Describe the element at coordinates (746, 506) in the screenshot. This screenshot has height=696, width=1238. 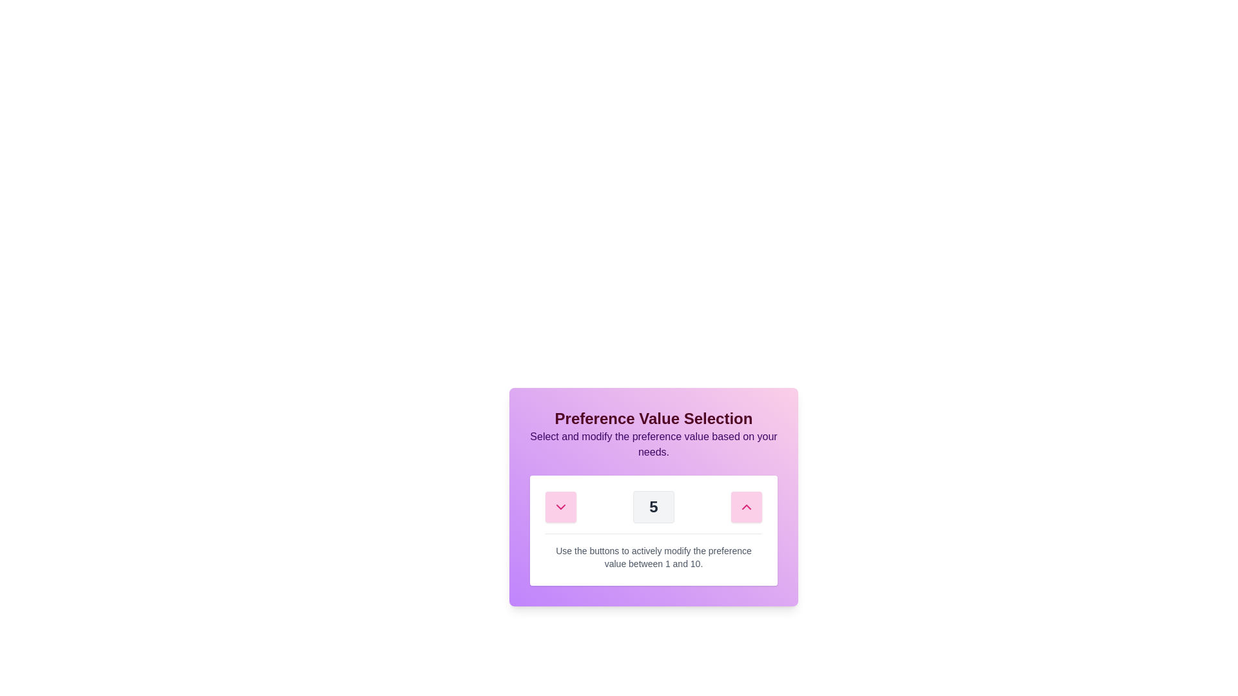
I see `the pink button with rounded corners featuring an upward-pointing chevron icon` at that location.